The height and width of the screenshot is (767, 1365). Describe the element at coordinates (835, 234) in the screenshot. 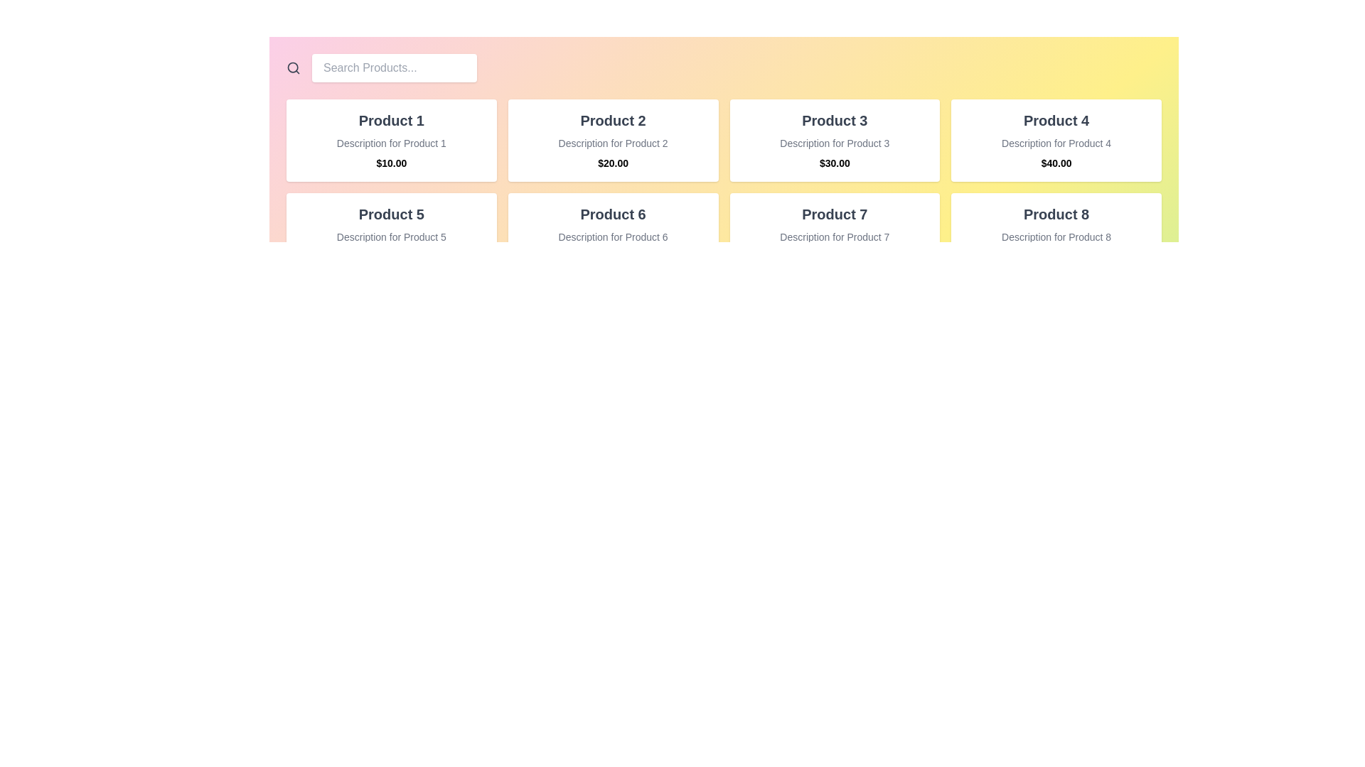

I see `text contained in the Information card titled 'Product 7' which includes the description 'Description for Product 7' and the price '$70.00'` at that location.